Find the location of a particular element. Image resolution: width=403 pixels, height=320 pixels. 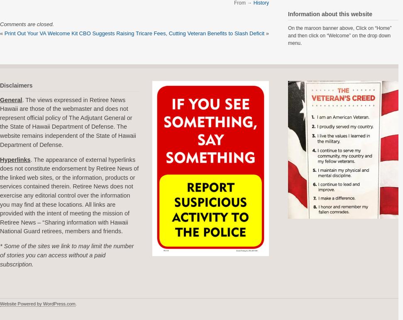

'Disclaimers' is located at coordinates (16, 85).